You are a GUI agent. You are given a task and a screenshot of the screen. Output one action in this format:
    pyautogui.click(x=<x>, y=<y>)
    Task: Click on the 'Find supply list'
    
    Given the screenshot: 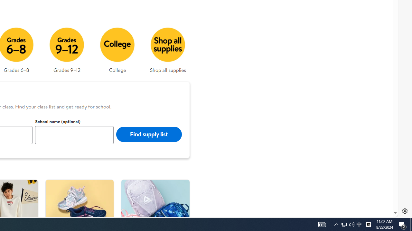 What is the action you would take?
    pyautogui.click(x=148, y=134)
    